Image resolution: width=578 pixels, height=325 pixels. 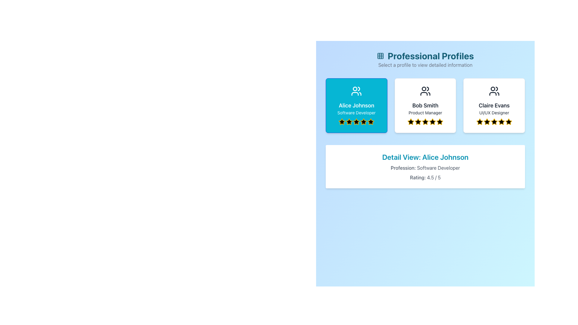 I want to click on the fourth star-shaped rating icon with a golden outline and black center, located below the profile card for Claire Evans, UI/UX Designer, in the Professional Profiles section to rate it, so click(x=494, y=122).